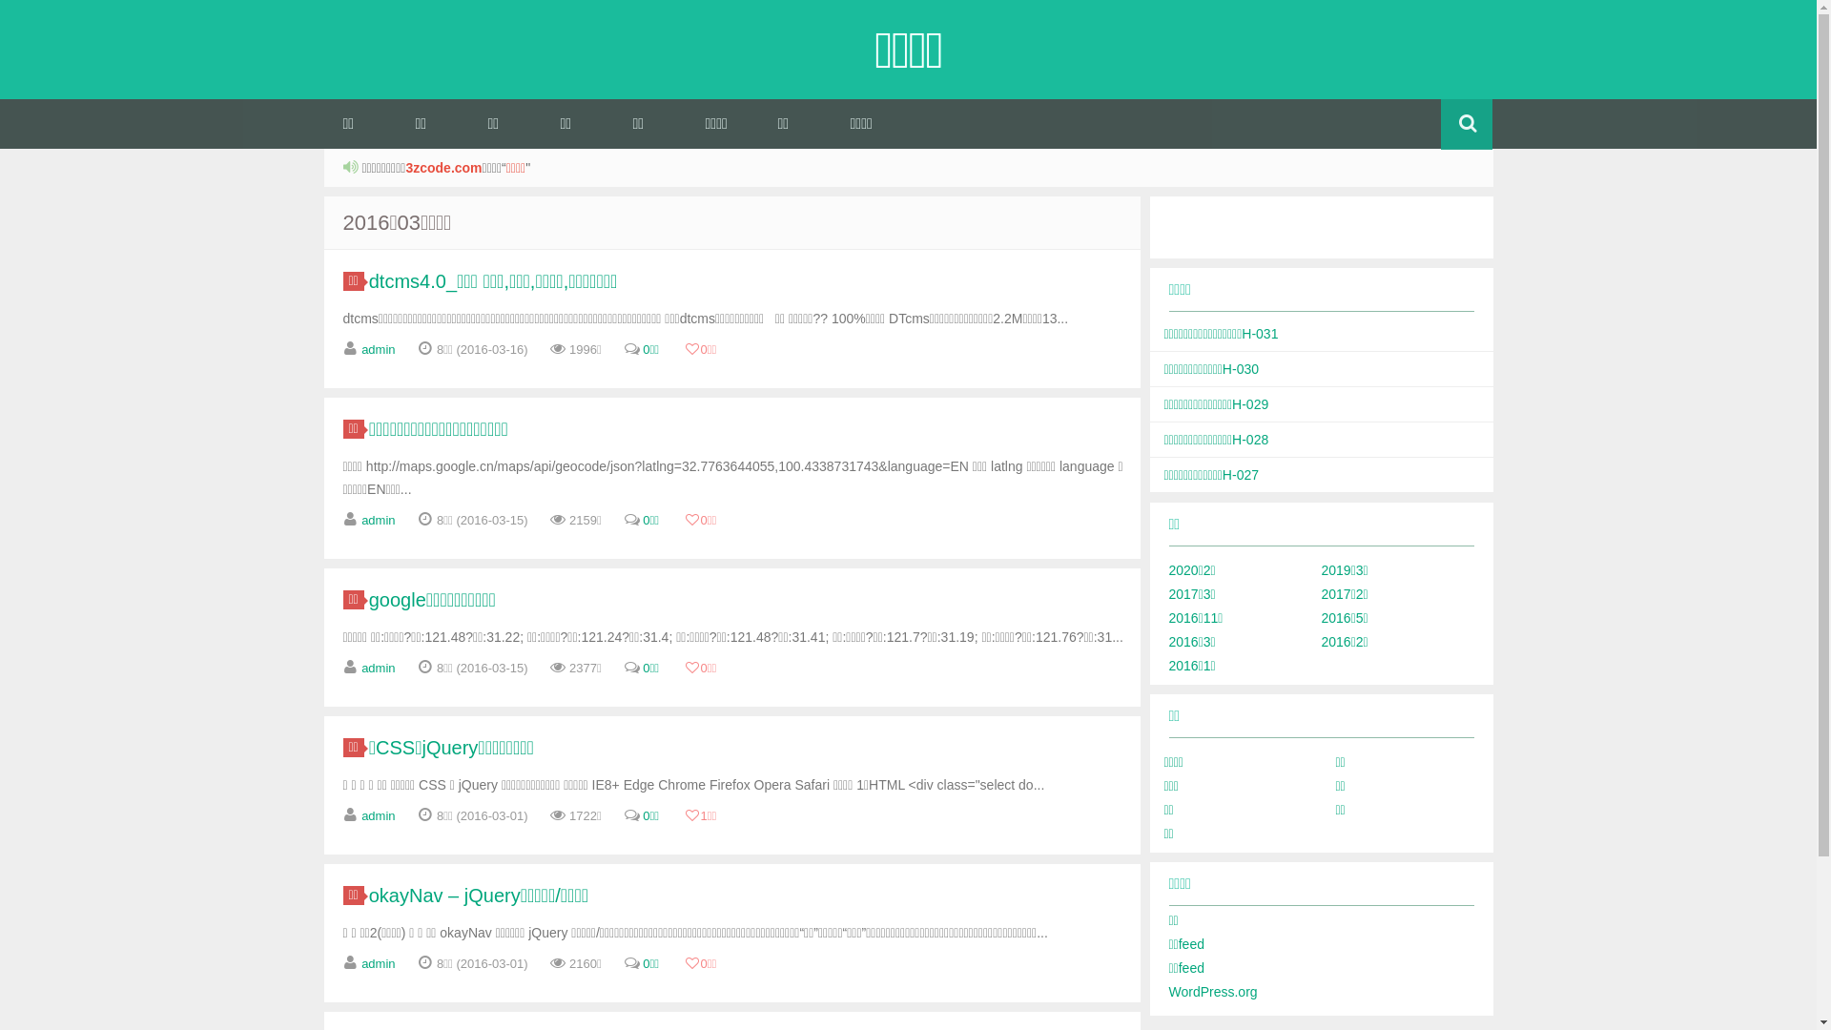 Image resolution: width=1831 pixels, height=1030 pixels. I want to click on 'admin', so click(378, 963).